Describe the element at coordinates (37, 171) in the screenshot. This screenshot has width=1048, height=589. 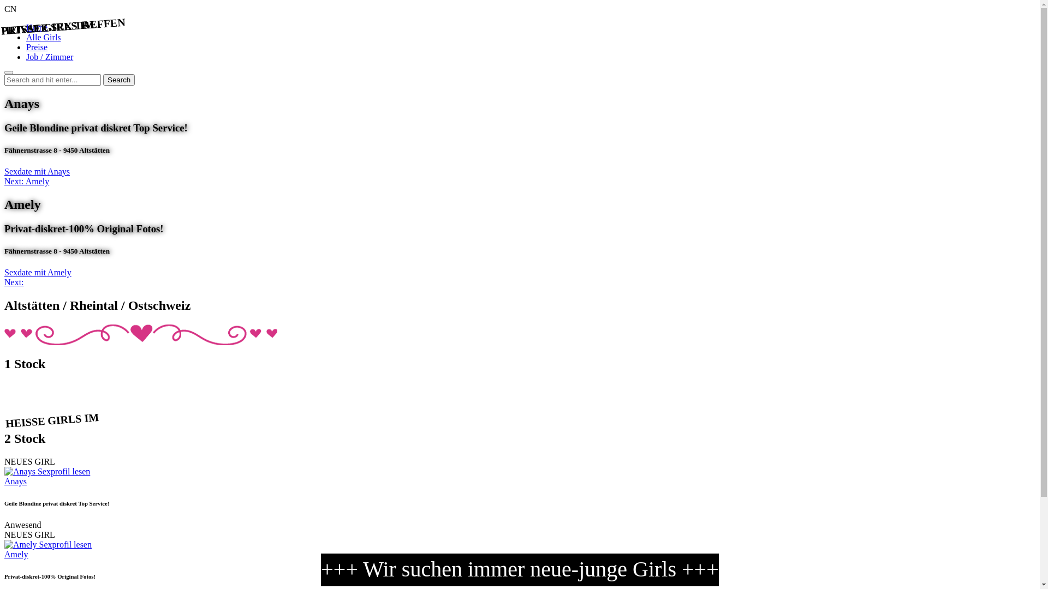
I see `'Sexdate mit Anays'` at that location.